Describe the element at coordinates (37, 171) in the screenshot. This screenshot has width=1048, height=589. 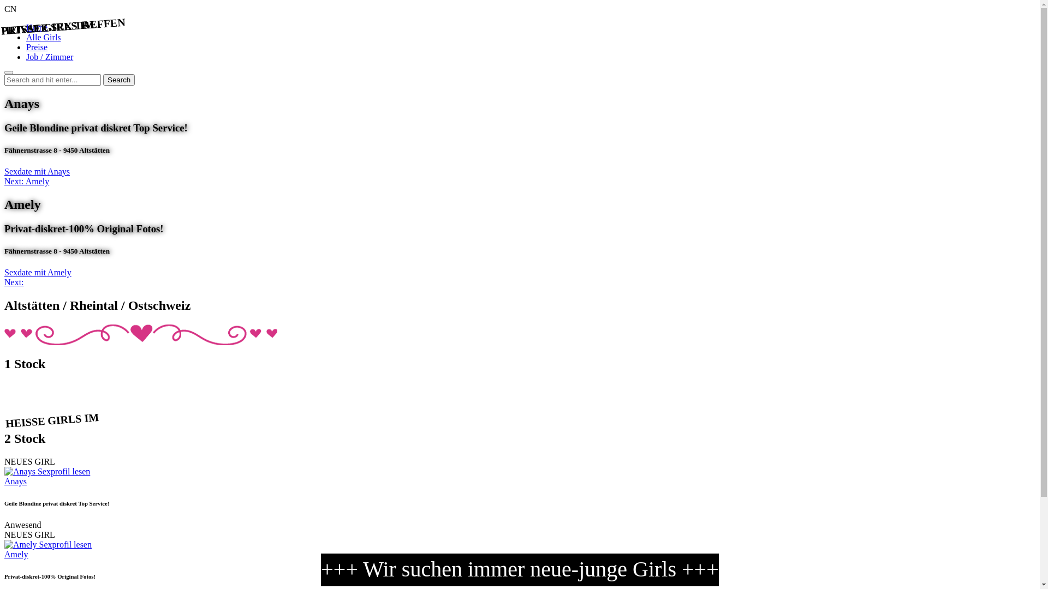
I see `'Sexdate mit Anays'` at that location.